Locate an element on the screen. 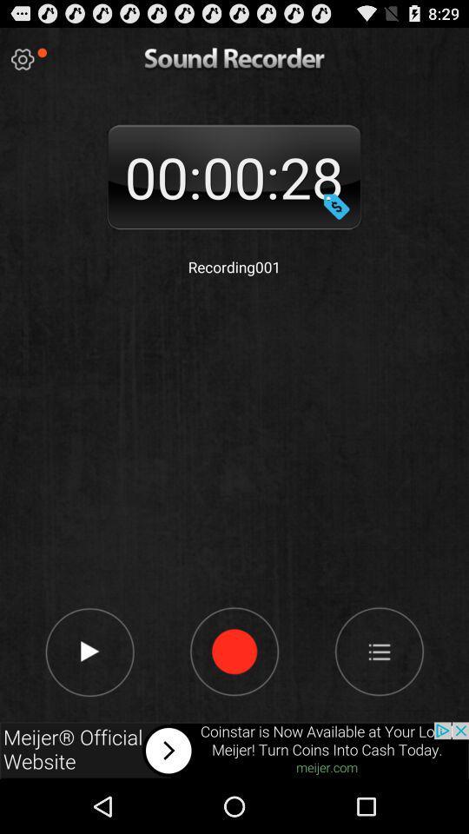 This screenshot has width=469, height=834. button is located at coordinates (89, 650).